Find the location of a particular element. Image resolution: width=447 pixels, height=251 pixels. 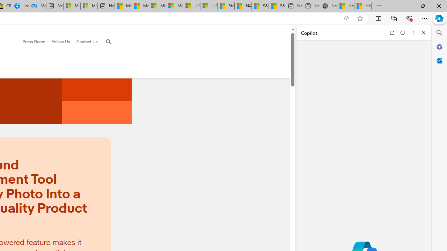

'Outlook' is located at coordinates (439, 60).